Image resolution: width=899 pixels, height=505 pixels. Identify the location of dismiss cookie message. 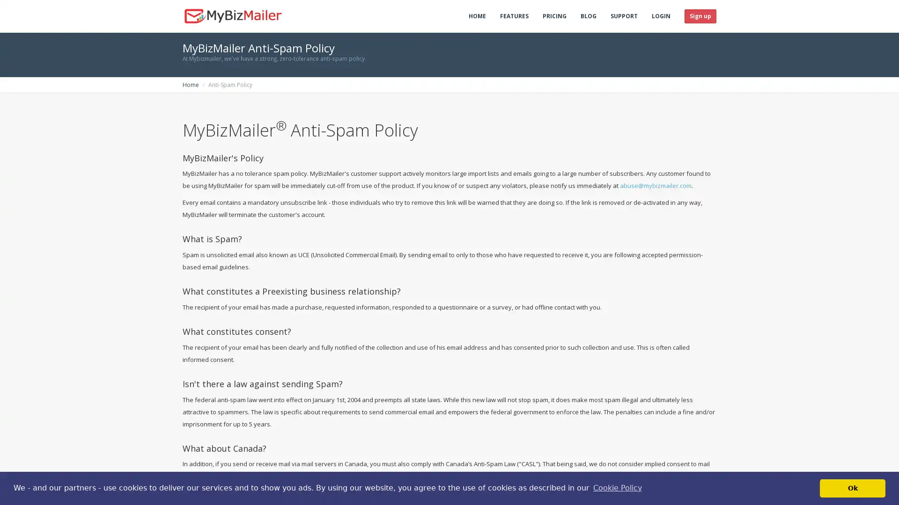
(852, 488).